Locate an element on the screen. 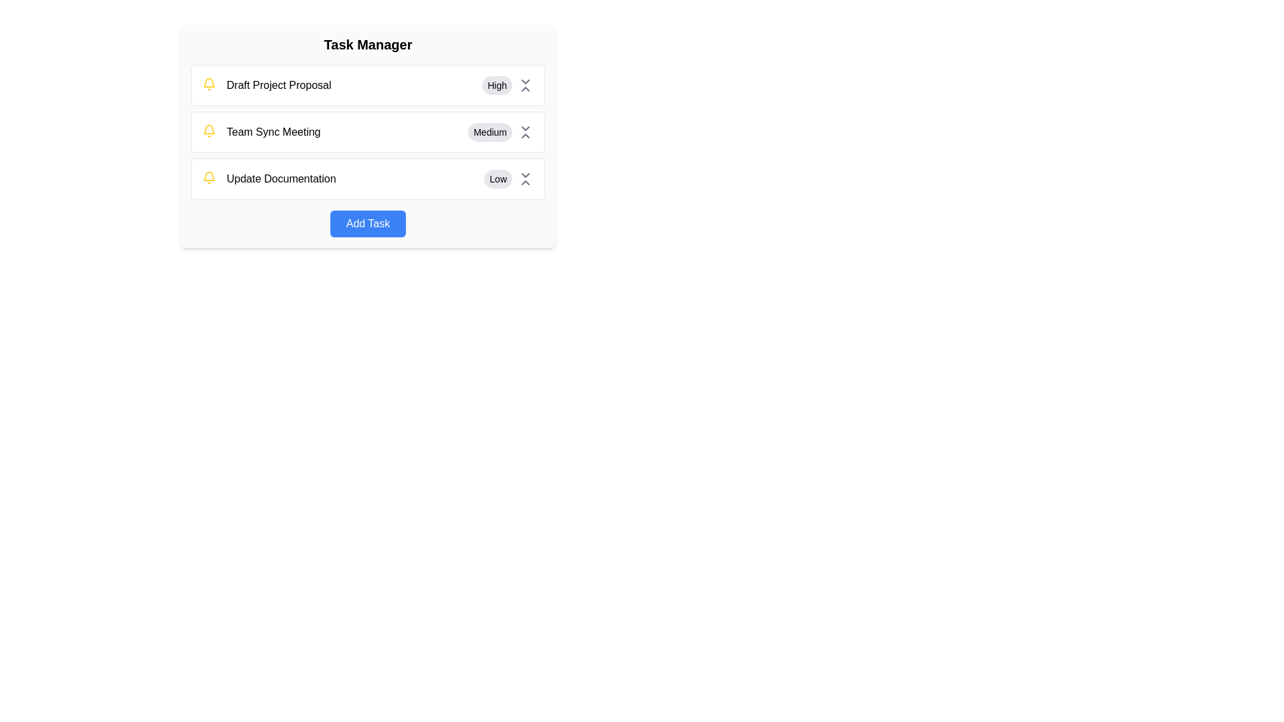 This screenshot has height=722, width=1284. the text label 'Update Documentation' which is part of a list of tasks and is positioned between 'Team Sync Meeting' and 'Add Task' button is located at coordinates (280, 178).